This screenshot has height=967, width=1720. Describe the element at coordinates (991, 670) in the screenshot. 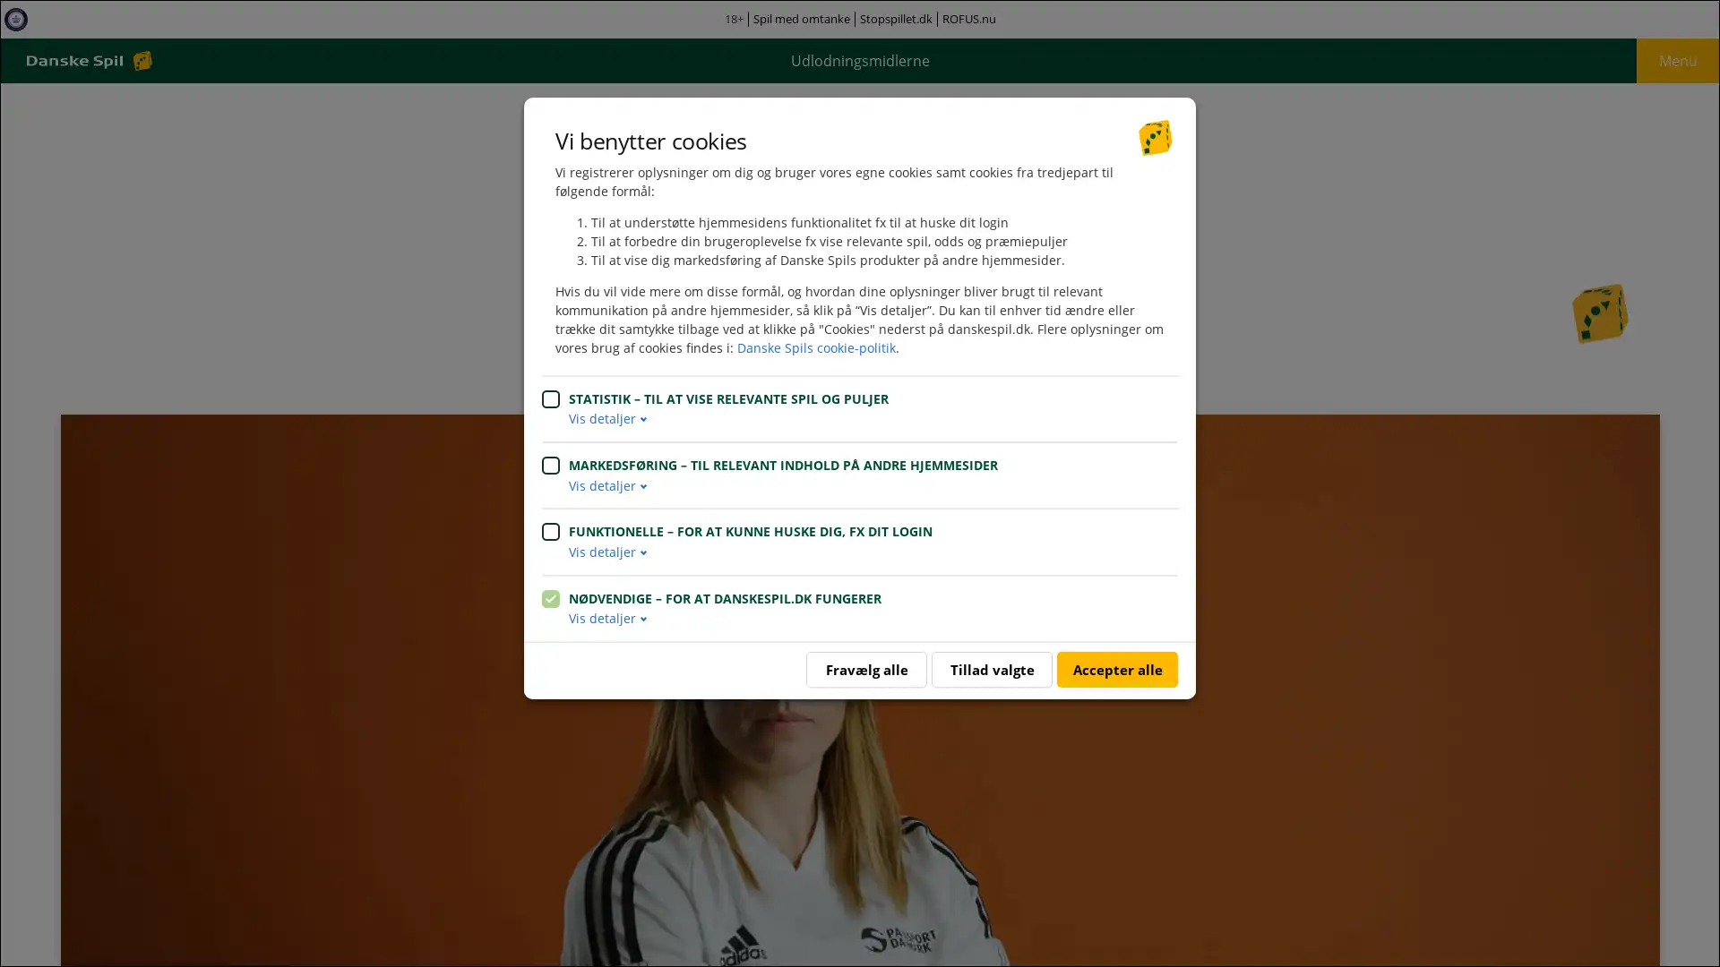

I see `Save Consent Preferences` at that location.